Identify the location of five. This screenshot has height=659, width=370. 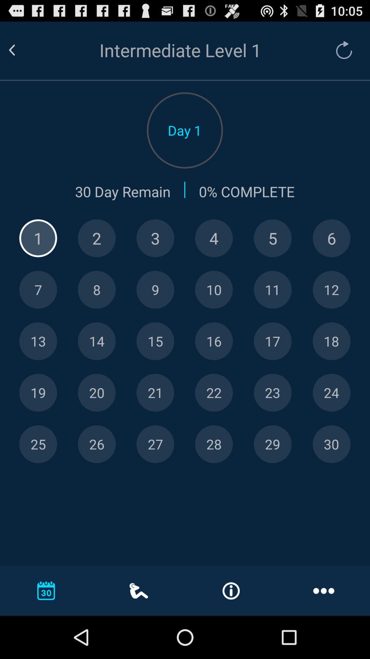
(272, 238).